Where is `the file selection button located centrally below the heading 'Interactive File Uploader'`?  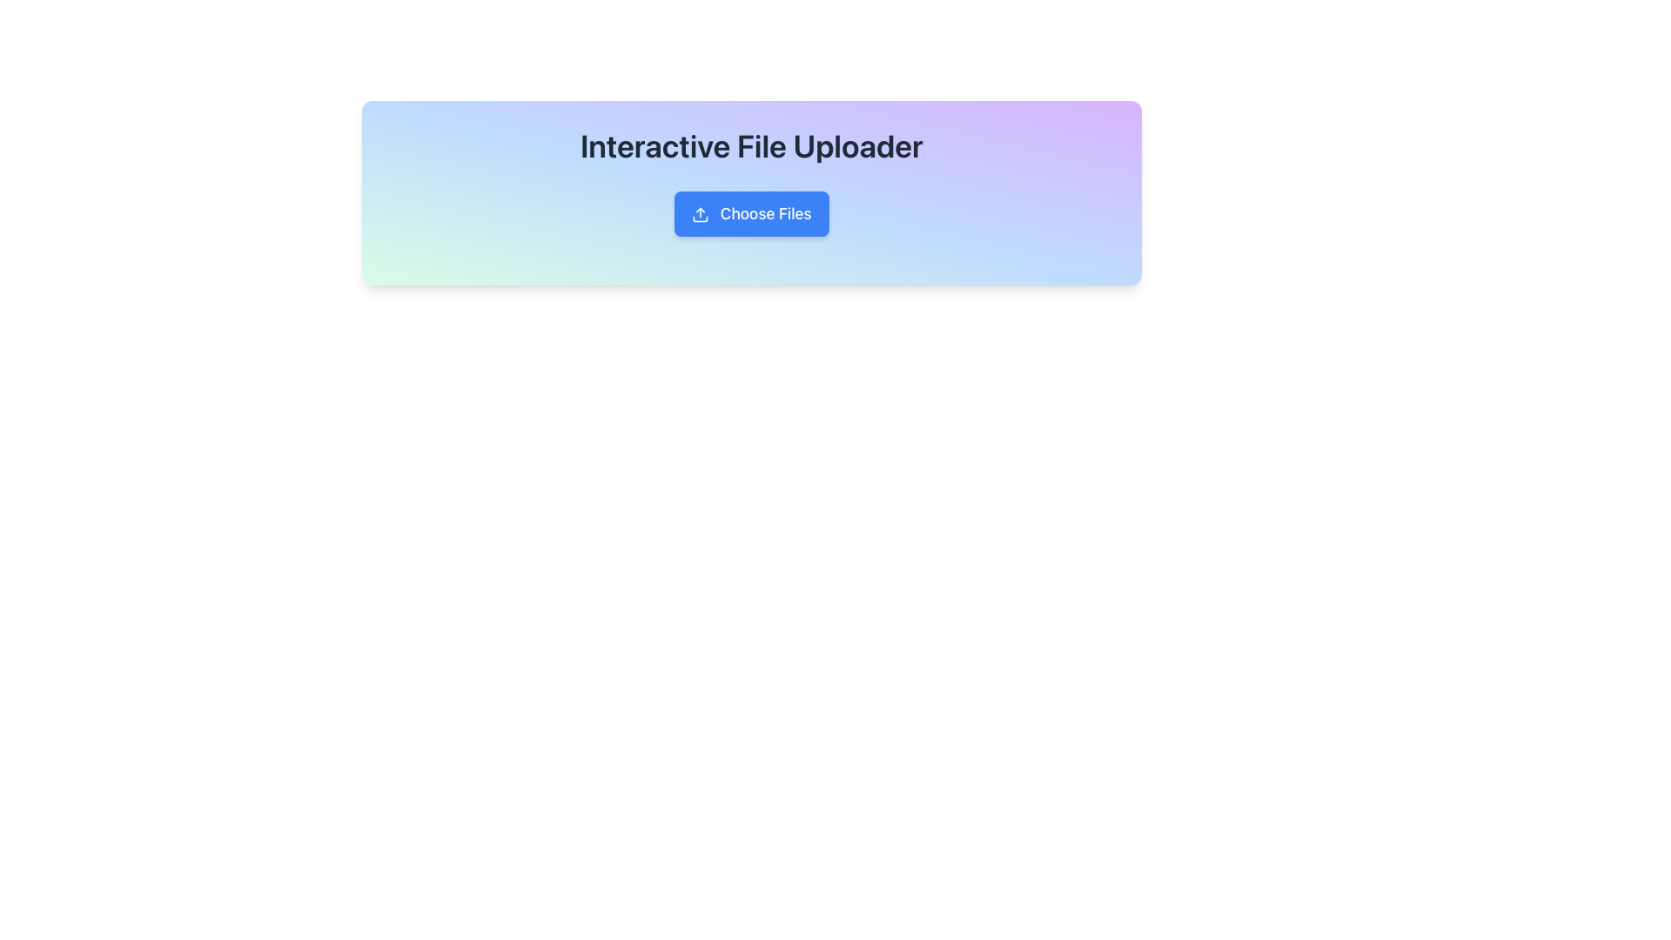
the file selection button located centrally below the heading 'Interactive File Uploader' is located at coordinates (752, 213).